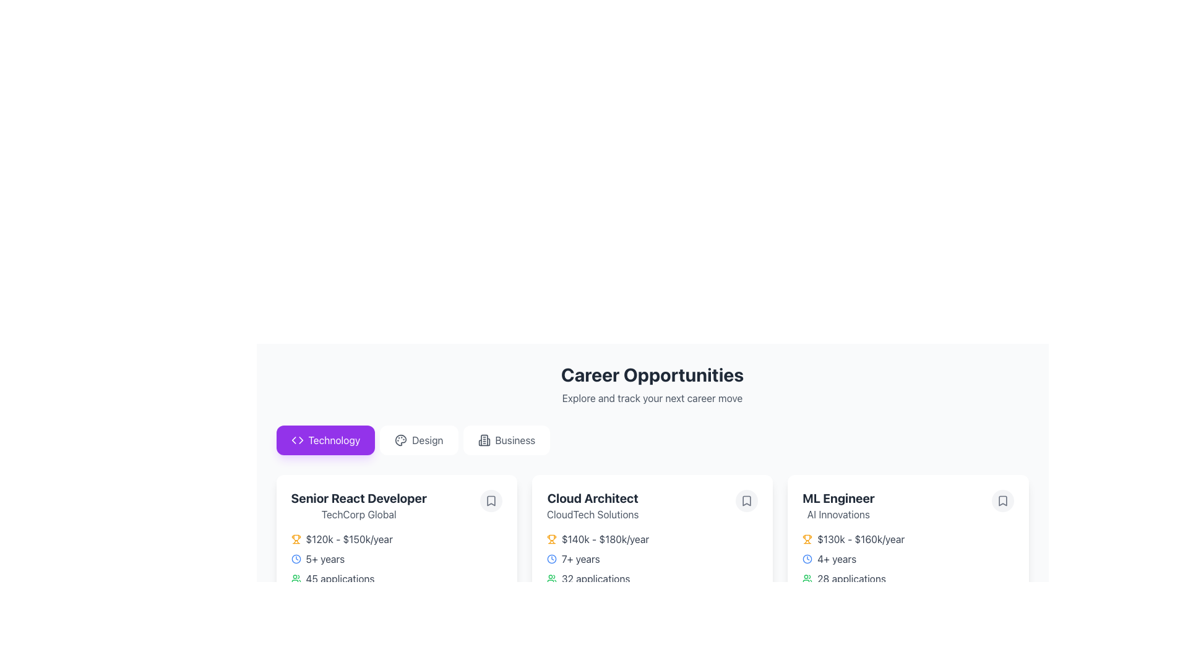 This screenshot has width=1188, height=668. Describe the element at coordinates (746, 501) in the screenshot. I see `the unique SVG-based bookmark icon located in the upper-right corner of the 'Cloud Architect' career opportunity card` at that location.